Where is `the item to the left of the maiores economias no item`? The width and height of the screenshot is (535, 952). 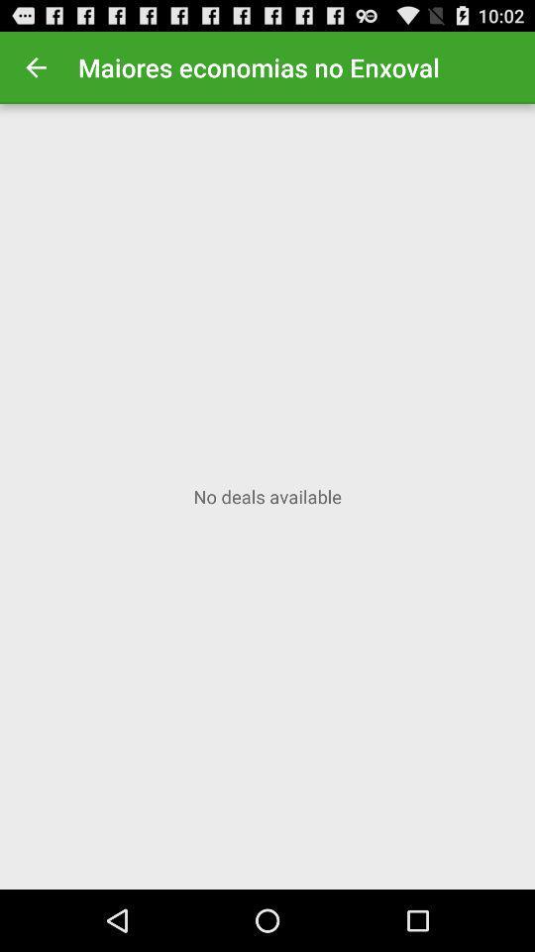 the item to the left of the maiores economias no item is located at coordinates (36, 67).